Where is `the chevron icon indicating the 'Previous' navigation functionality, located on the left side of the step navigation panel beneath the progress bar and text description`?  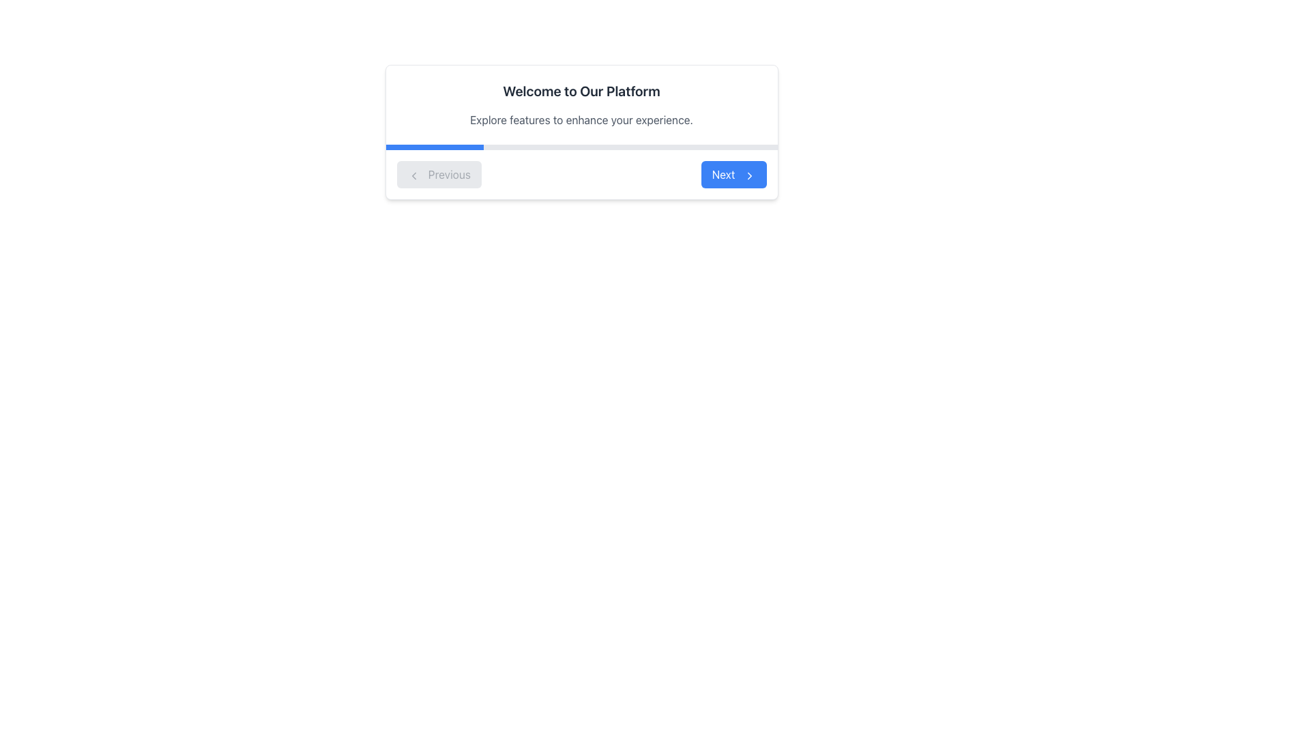
the chevron icon indicating the 'Previous' navigation functionality, located on the left side of the step navigation panel beneath the progress bar and text description is located at coordinates (413, 175).